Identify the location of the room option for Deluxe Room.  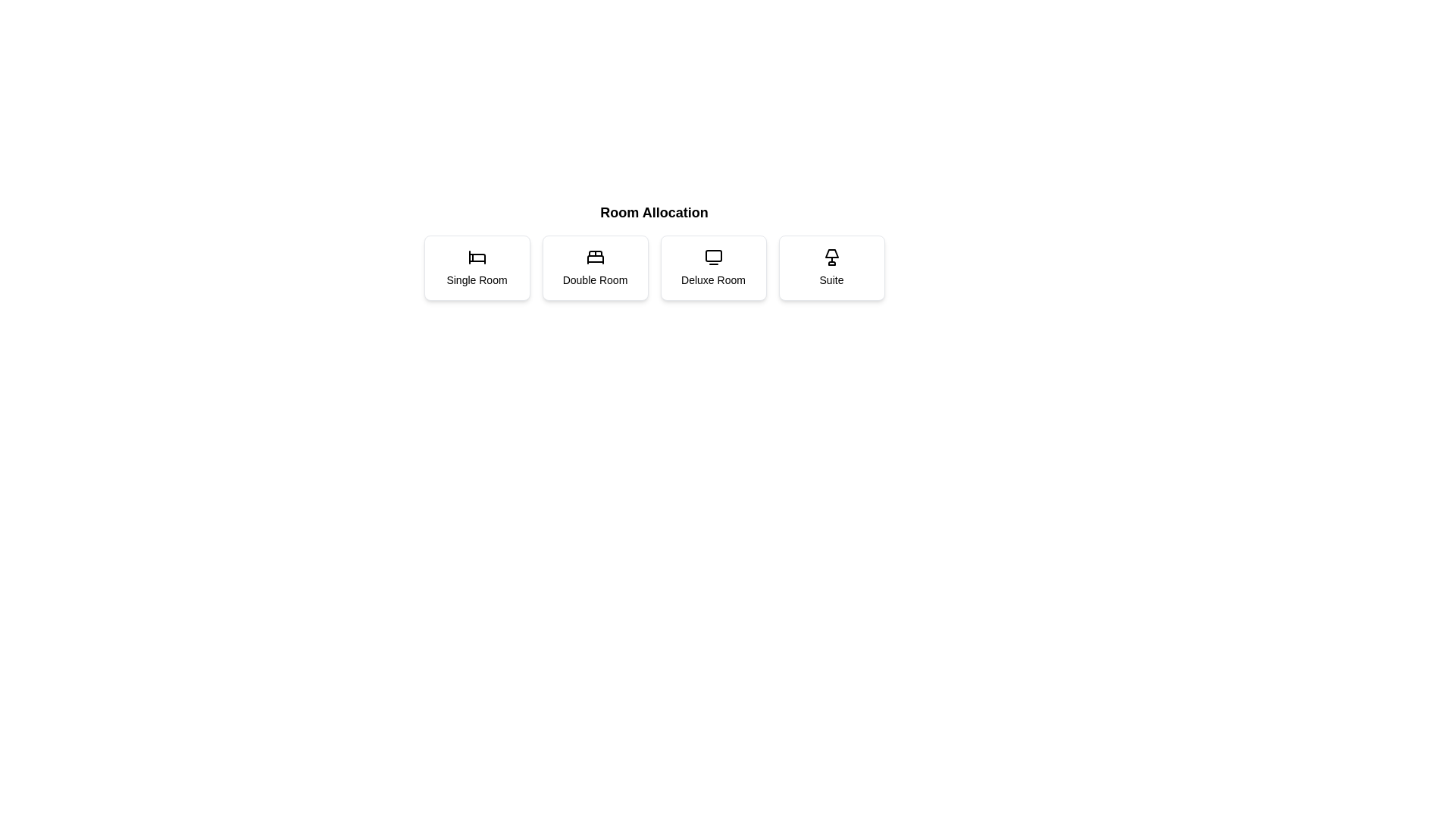
(712, 267).